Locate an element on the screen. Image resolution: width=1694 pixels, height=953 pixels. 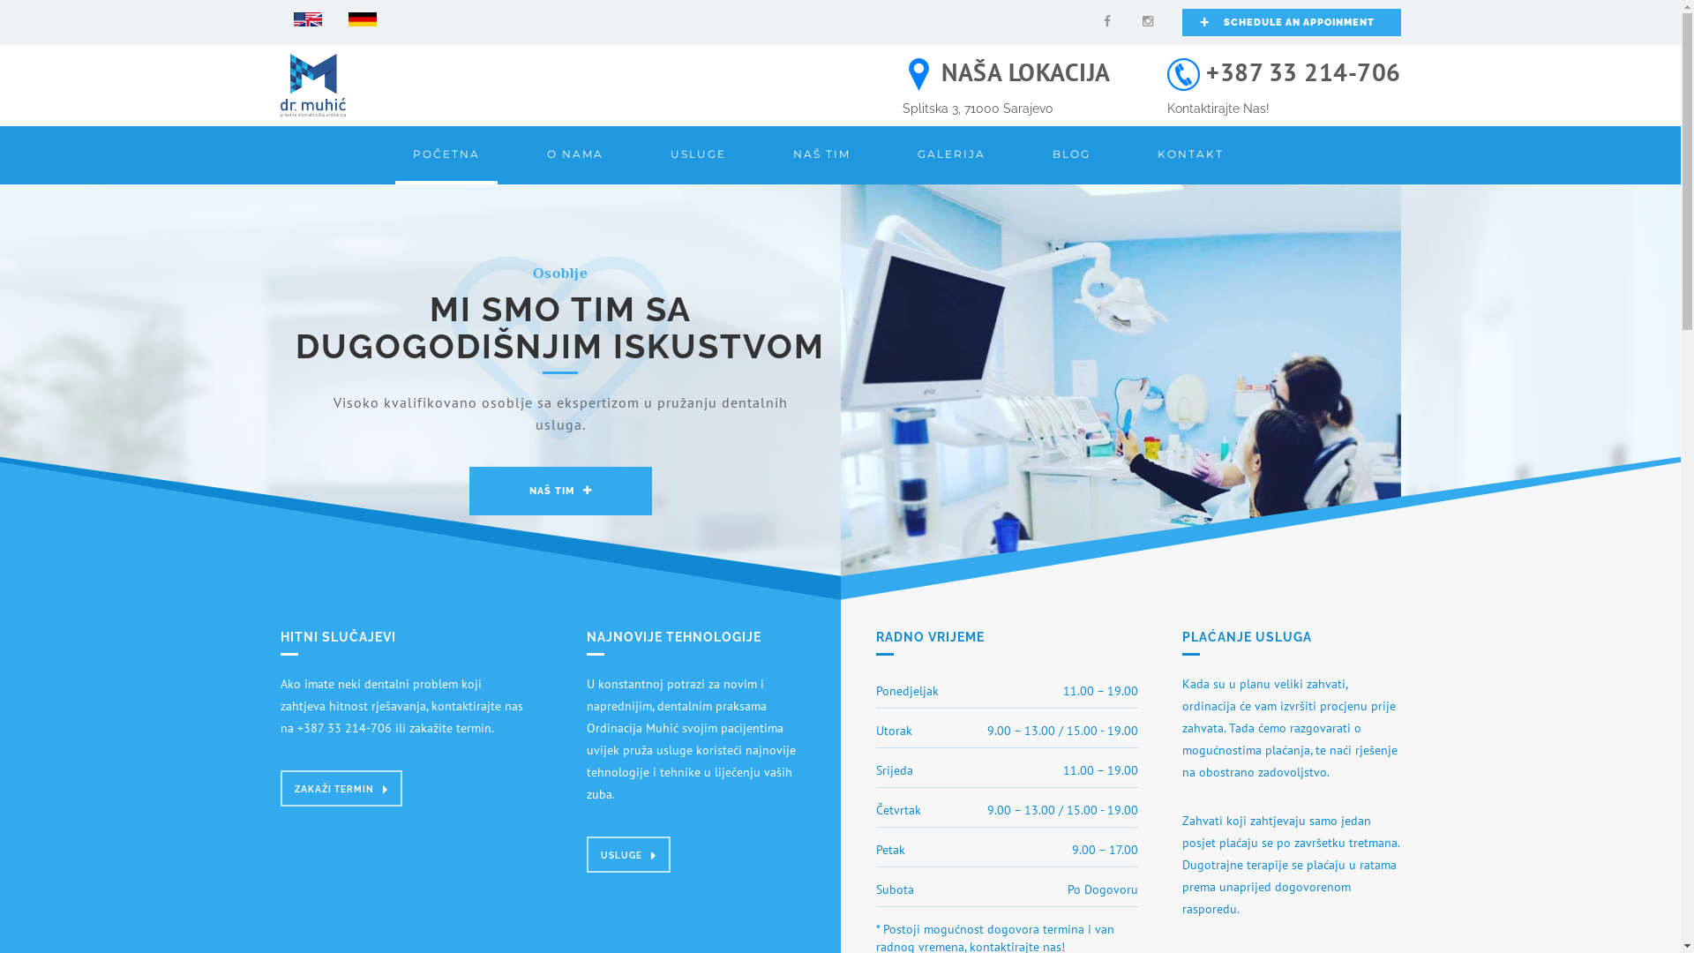
'O NAMA' is located at coordinates (575, 154).